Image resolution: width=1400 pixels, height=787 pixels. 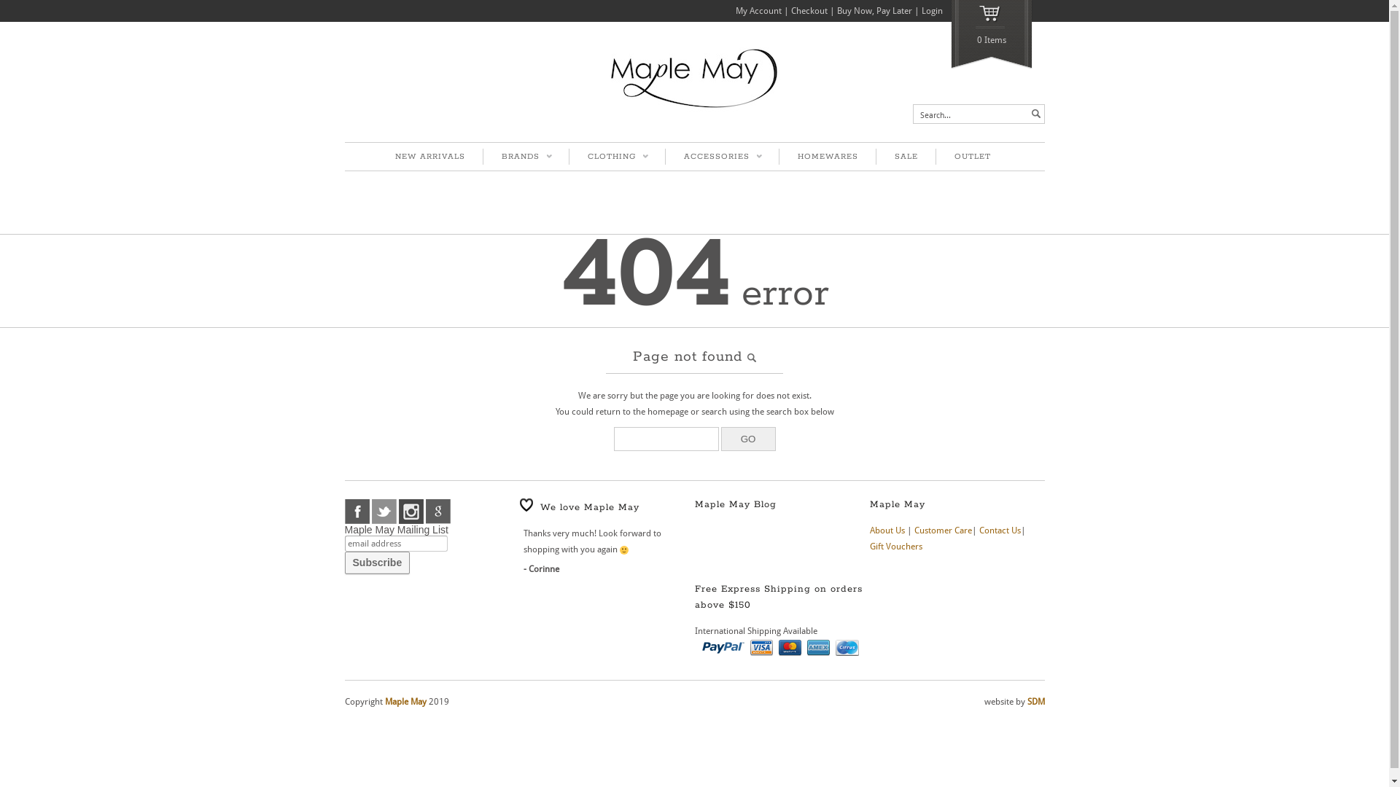 I want to click on 'OUTLET', so click(x=972, y=157).